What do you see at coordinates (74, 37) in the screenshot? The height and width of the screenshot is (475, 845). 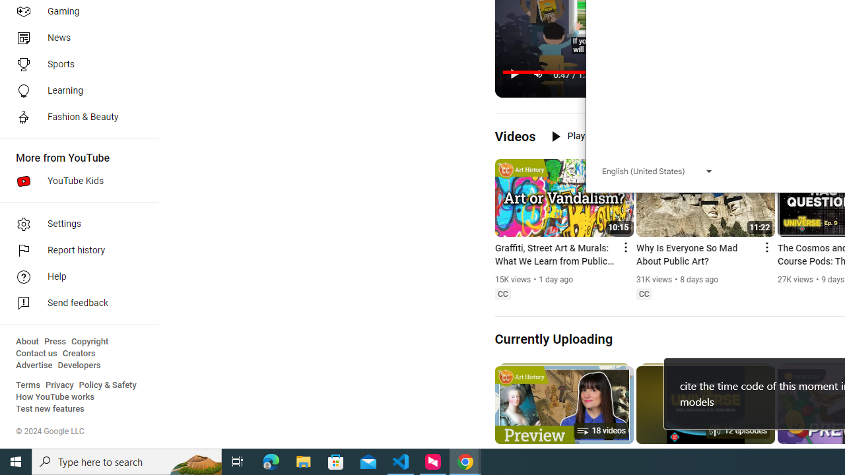 I see `'News'` at bounding box center [74, 37].